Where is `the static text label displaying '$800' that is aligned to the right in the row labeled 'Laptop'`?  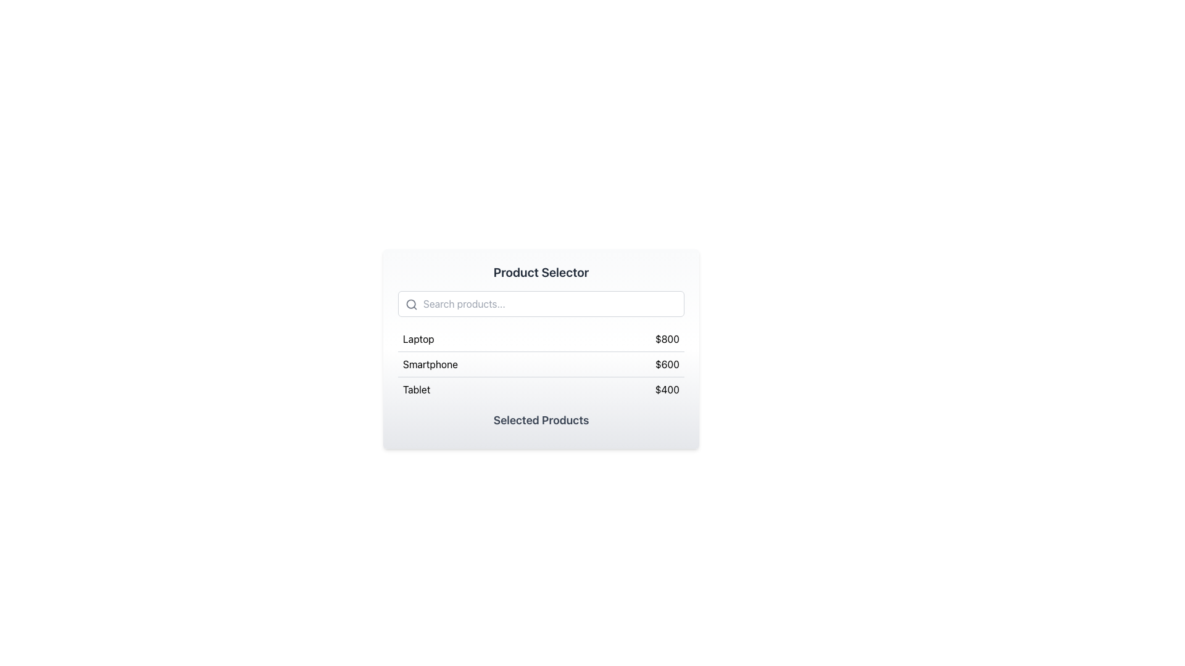
the static text label displaying '$800' that is aligned to the right in the row labeled 'Laptop' is located at coordinates (667, 339).